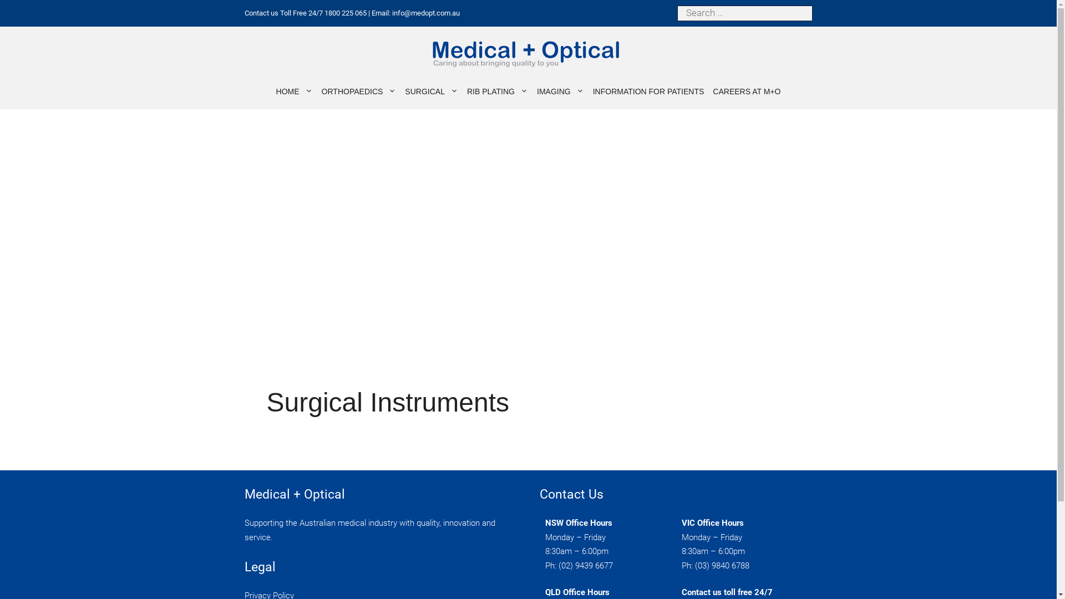 The image size is (1065, 599). I want to click on 'IMAGING', so click(560, 90).